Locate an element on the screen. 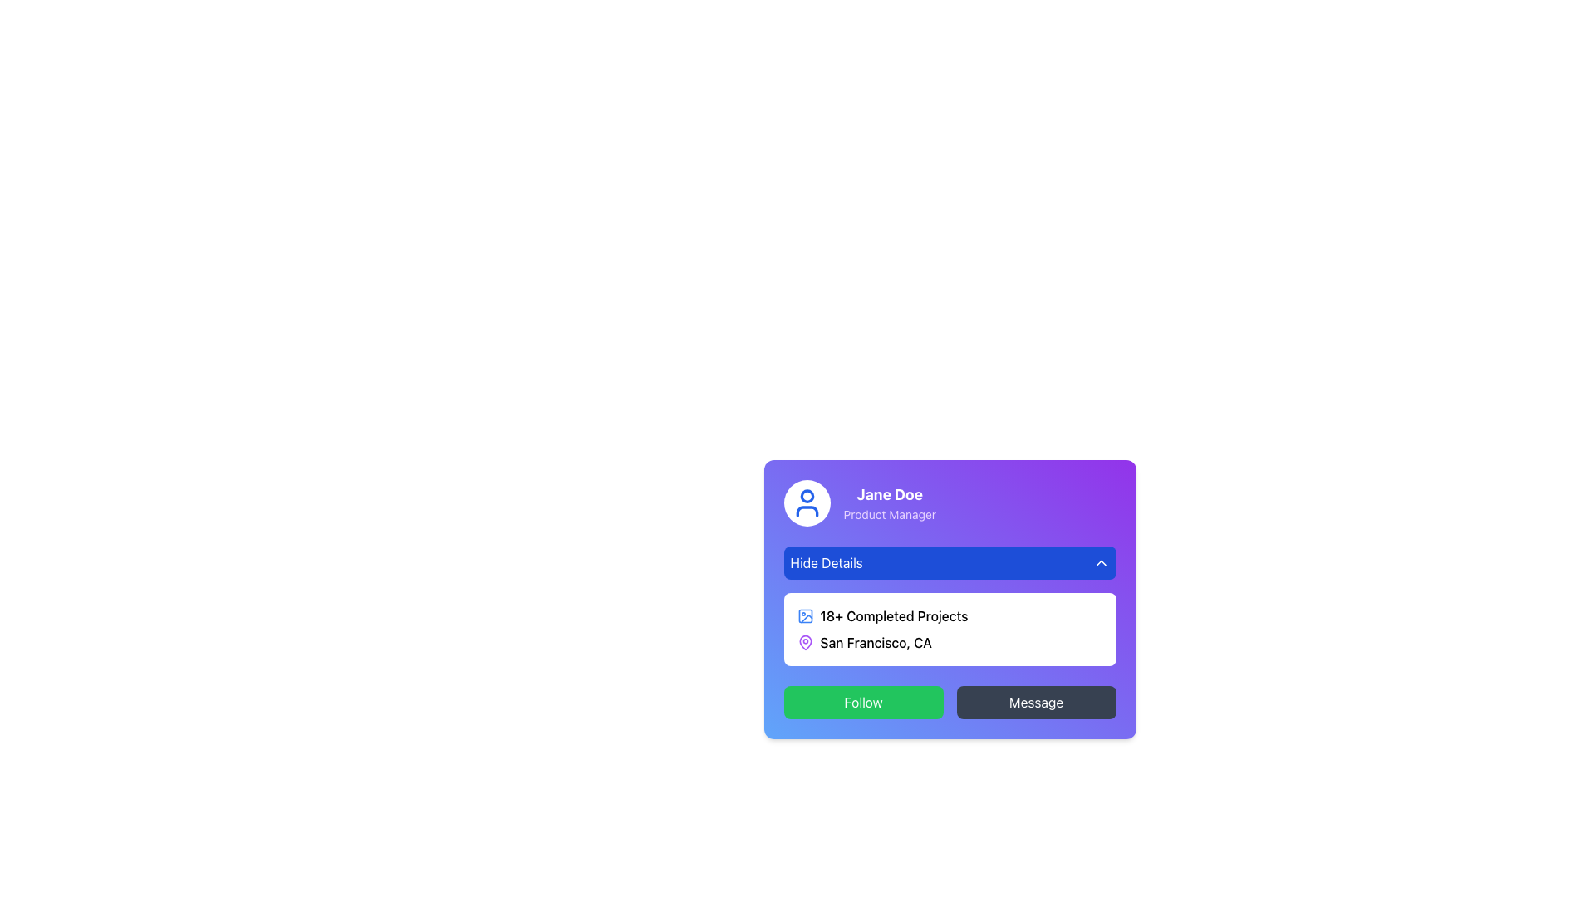  the graphic element located centrally within the SVG icon, positioned near the middle-right of the user interface card is located at coordinates (805, 615).